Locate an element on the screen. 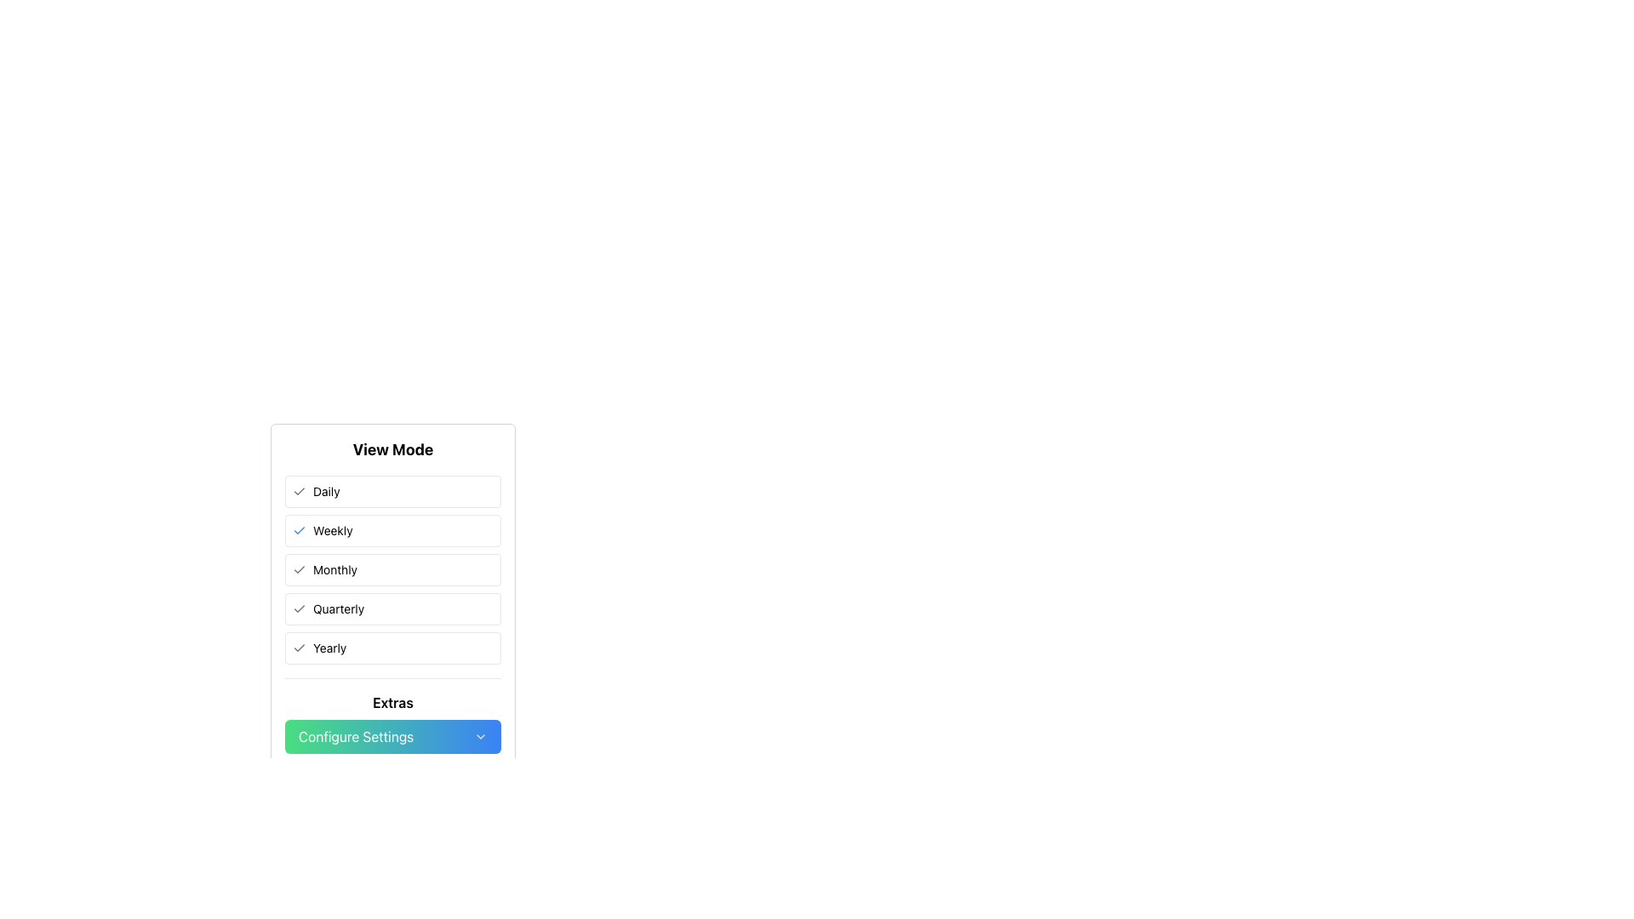 The image size is (1634, 919). the 'Quarterly' button, which is the fourth selectable option in a vertical list of buttons for choosing different time views is located at coordinates (391, 608).